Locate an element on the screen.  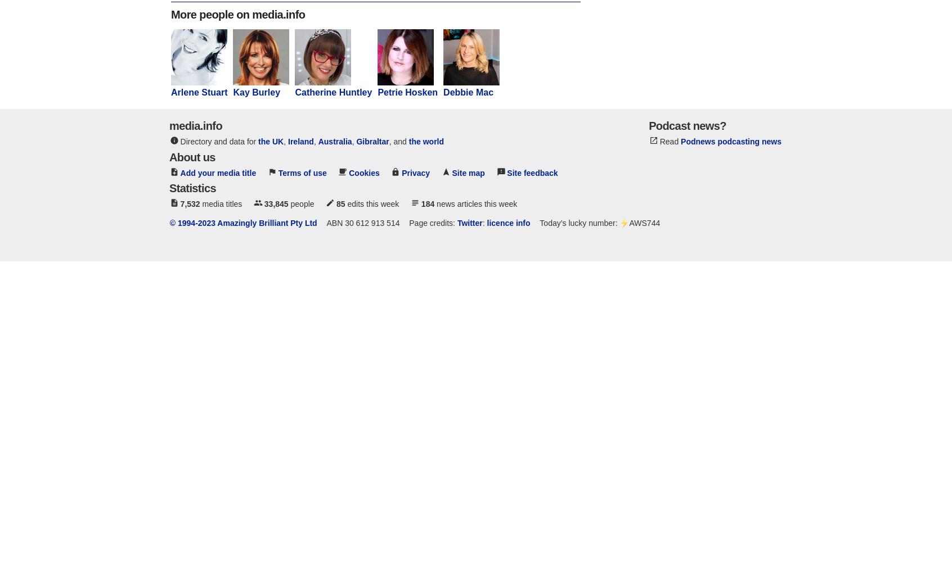
'85' is located at coordinates (340, 203).